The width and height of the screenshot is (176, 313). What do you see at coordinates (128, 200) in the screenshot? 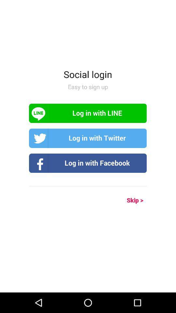
I see `the icon on the right` at bounding box center [128, 200].